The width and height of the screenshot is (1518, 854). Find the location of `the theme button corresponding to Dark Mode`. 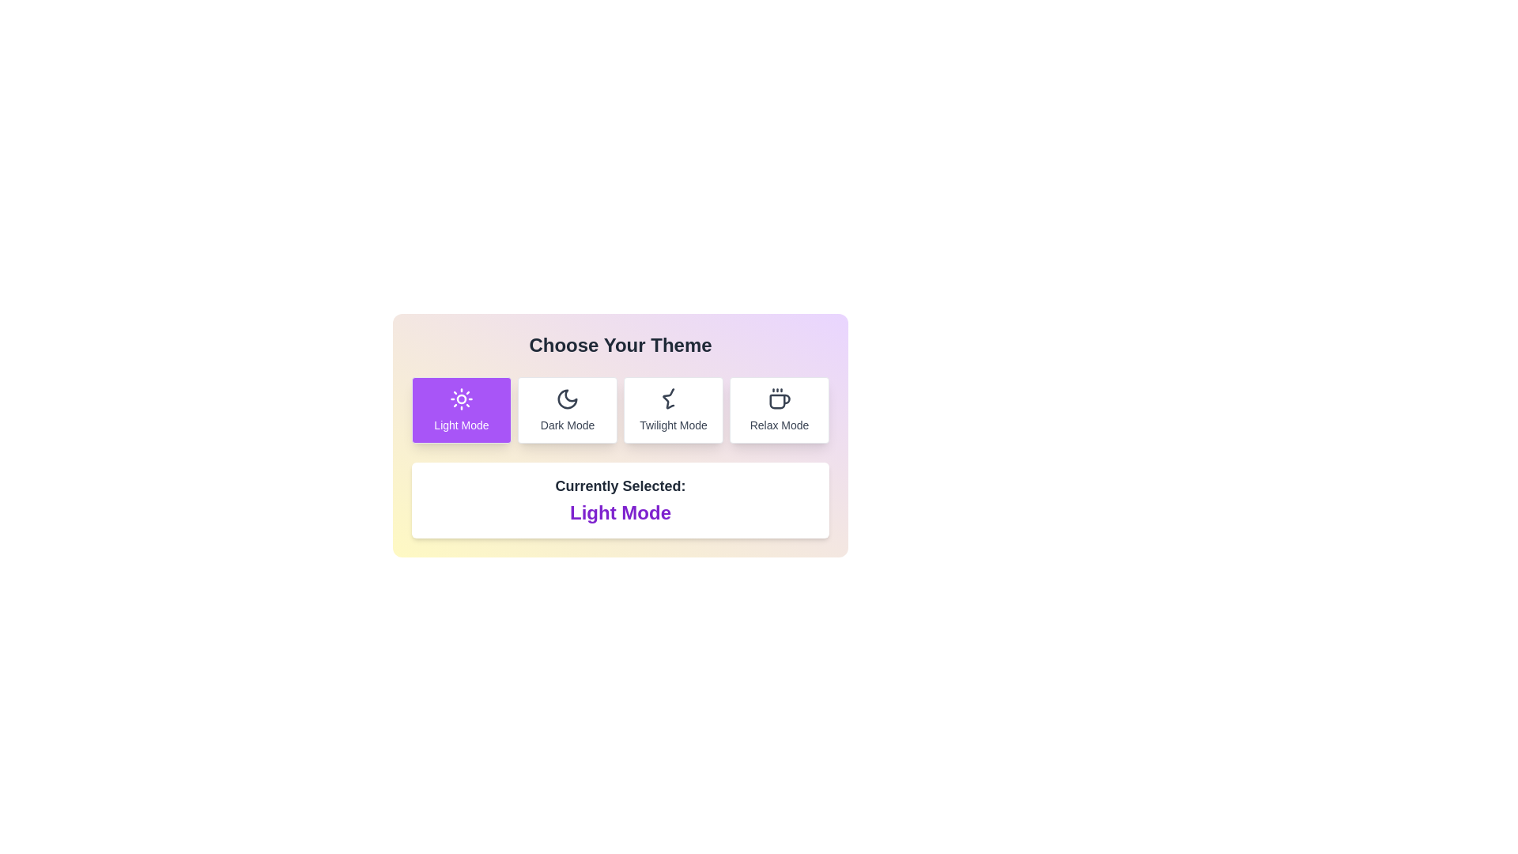

the theme button corresponding to Dark Mode is located at coordinates (568, 410).